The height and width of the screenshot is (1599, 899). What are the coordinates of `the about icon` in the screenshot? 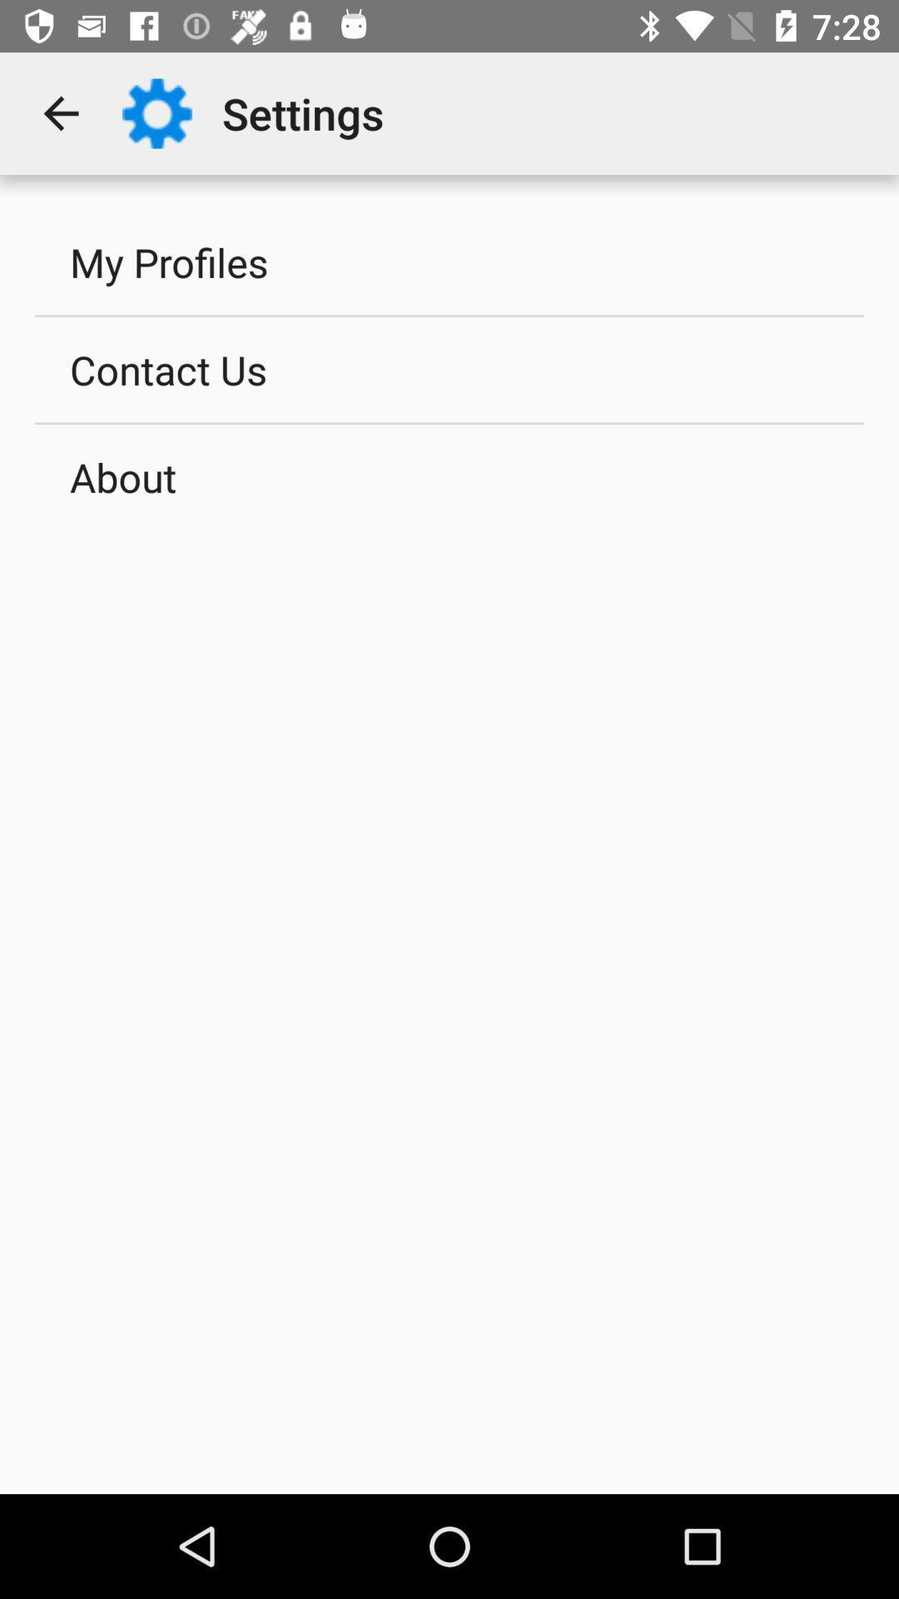 It's located at (449, 476).